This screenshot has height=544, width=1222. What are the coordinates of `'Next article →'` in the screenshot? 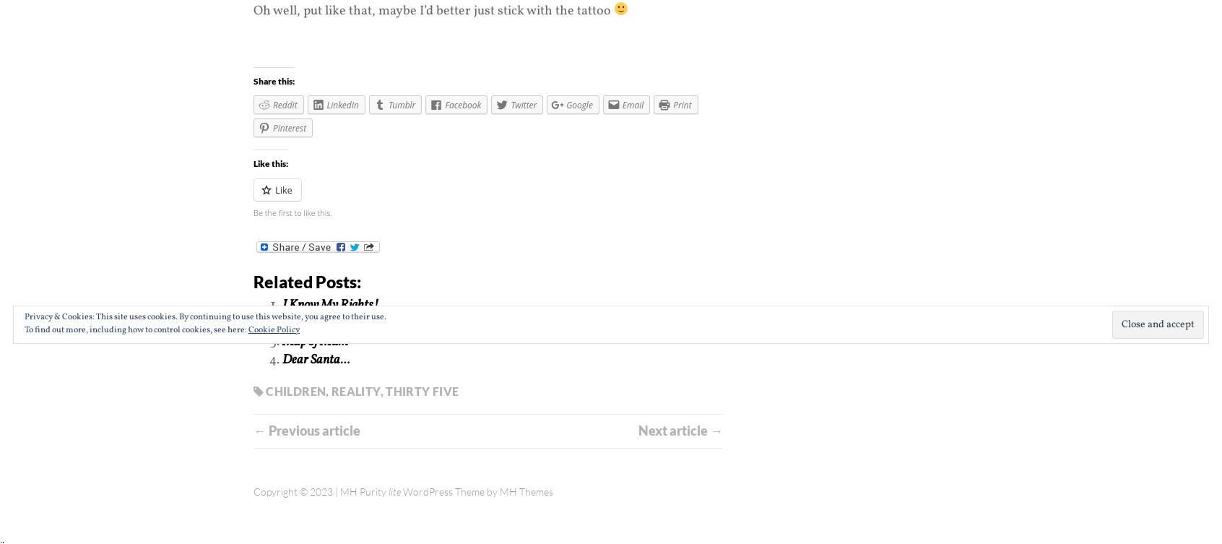 It's located at (680, 430).